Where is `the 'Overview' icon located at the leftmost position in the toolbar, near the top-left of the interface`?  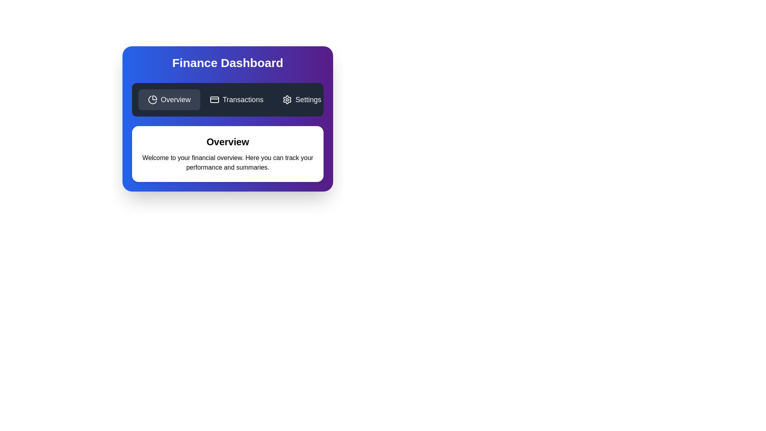
the 'Overview' icon located at the leftmost position in the toolbar, near the top-left of the interface is located at coordinates (152, 99).